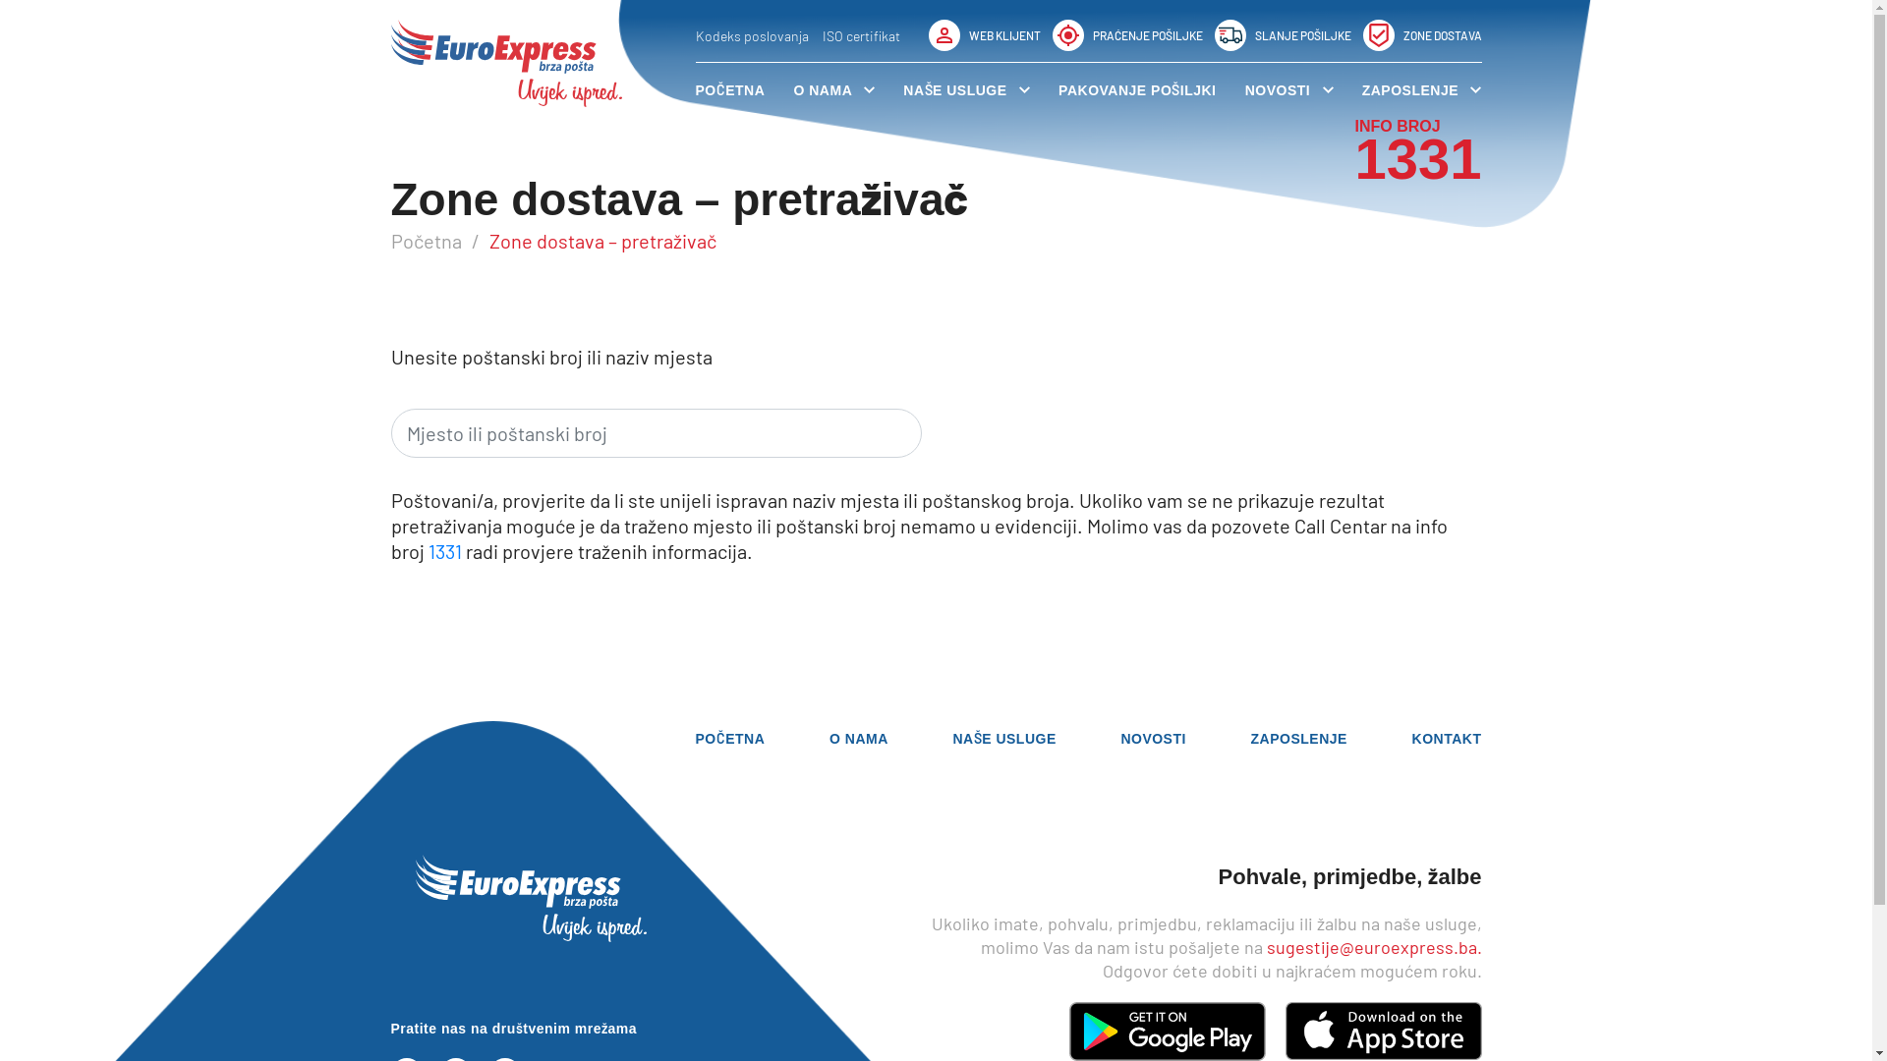  What do you see at coordinates (1421, 34) in the screenshot?
I see `'ZONE DOSTAVA'` at bounding box center [1421, 34].